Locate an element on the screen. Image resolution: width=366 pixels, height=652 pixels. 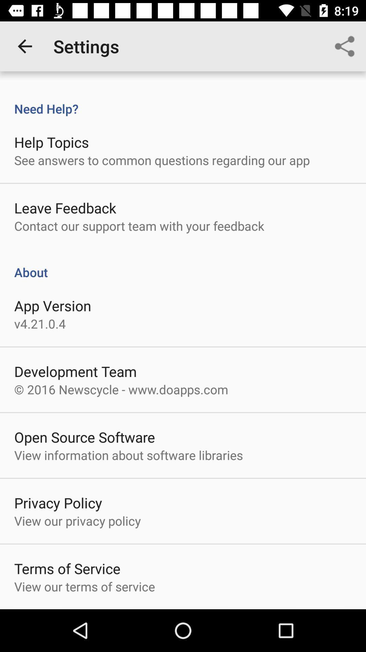
the item above the need help? is located at coordinates (24, 46).